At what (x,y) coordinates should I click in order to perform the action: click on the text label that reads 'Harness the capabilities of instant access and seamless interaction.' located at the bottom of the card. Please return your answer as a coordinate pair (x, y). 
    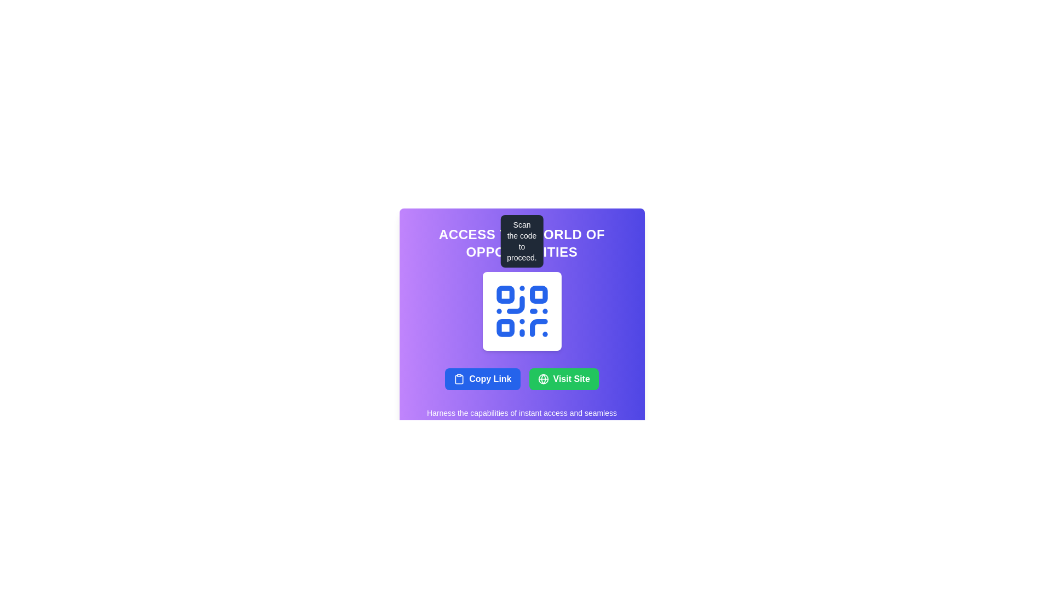
    Looking at the image, I should click on (521, 418).